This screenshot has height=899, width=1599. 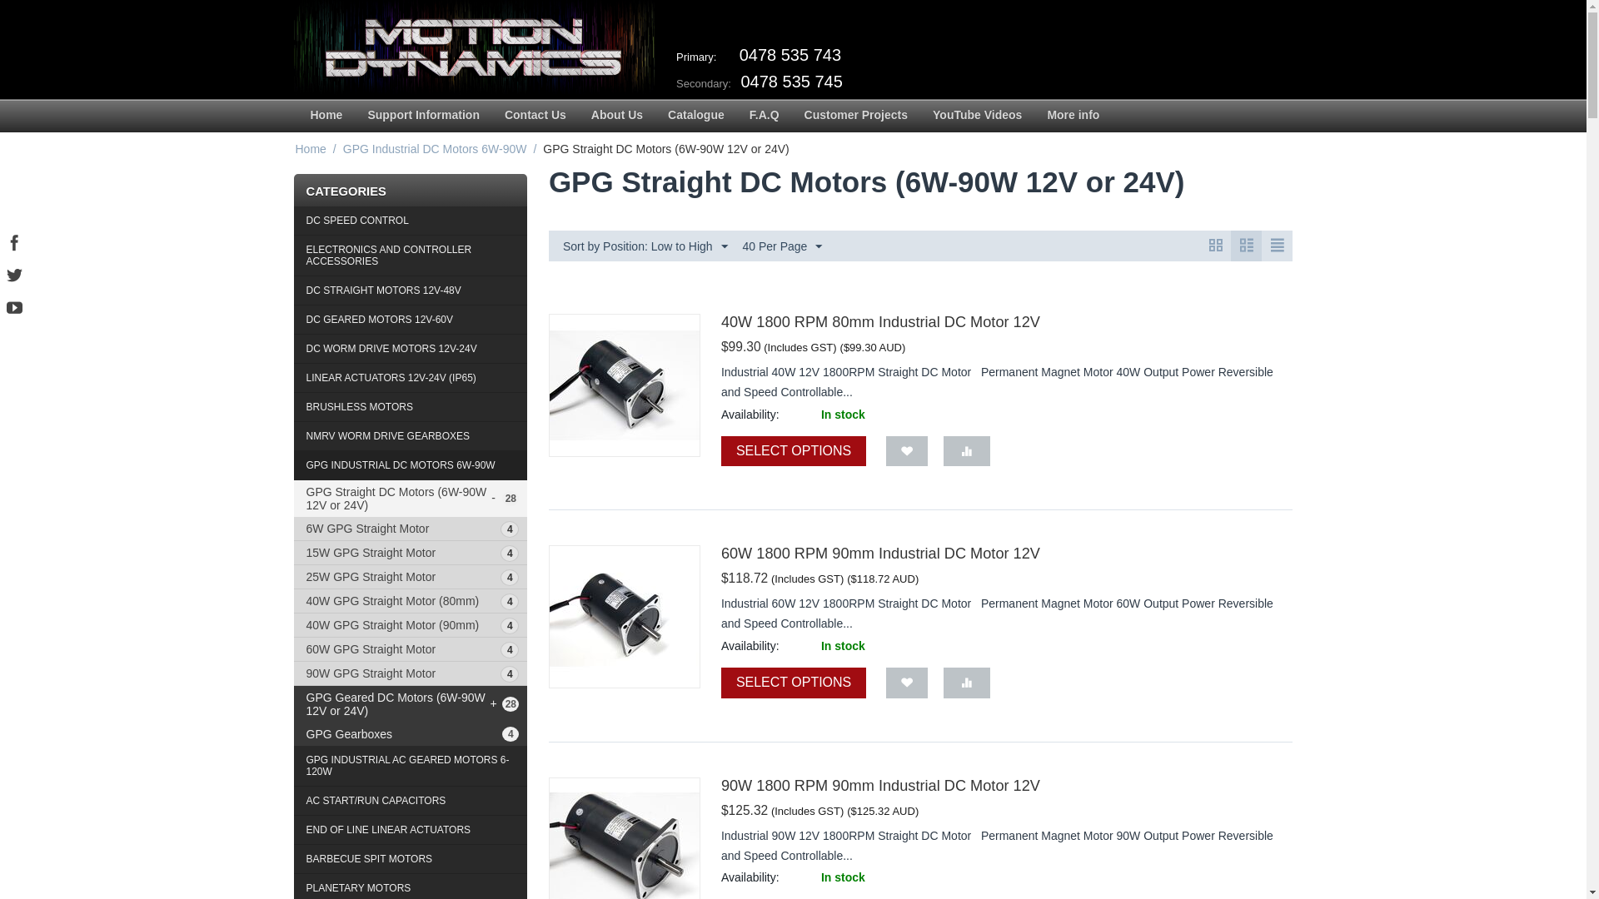 I want to click on 'Customer Projects', so click(x=790, y=115).